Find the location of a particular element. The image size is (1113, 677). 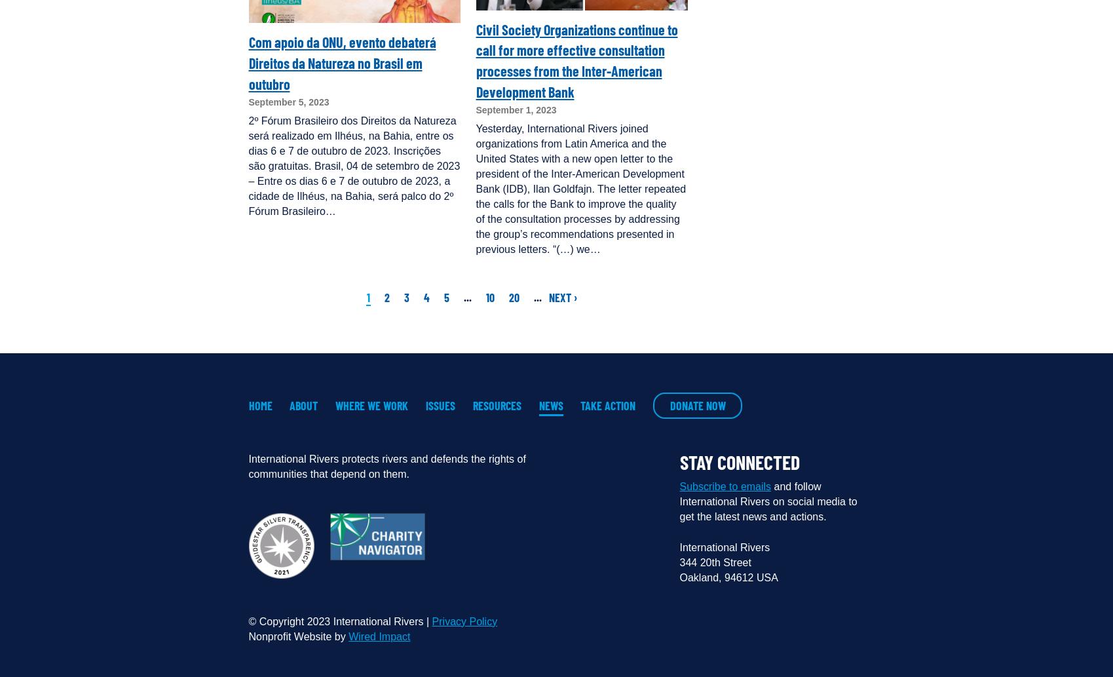

'September 1, 2023' is located at coordinates (516, 109).